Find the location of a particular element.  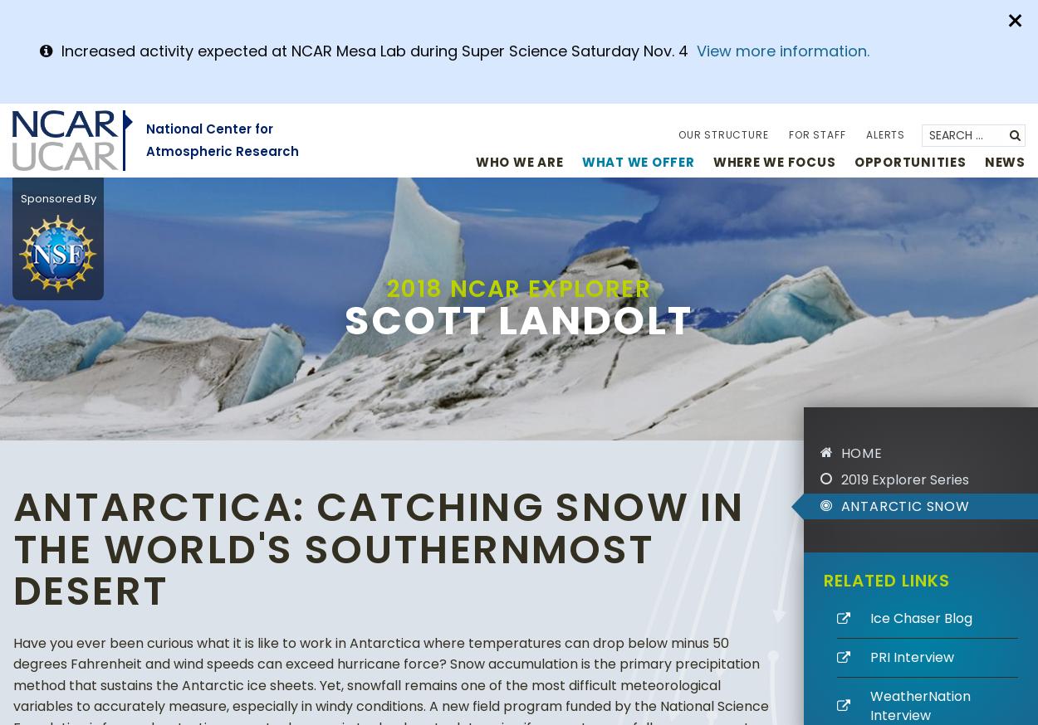

'Increased activity expected at NCAR Mesa Lab during Super Science Saturday Nov. 4' is located at coordinates (61, 50).